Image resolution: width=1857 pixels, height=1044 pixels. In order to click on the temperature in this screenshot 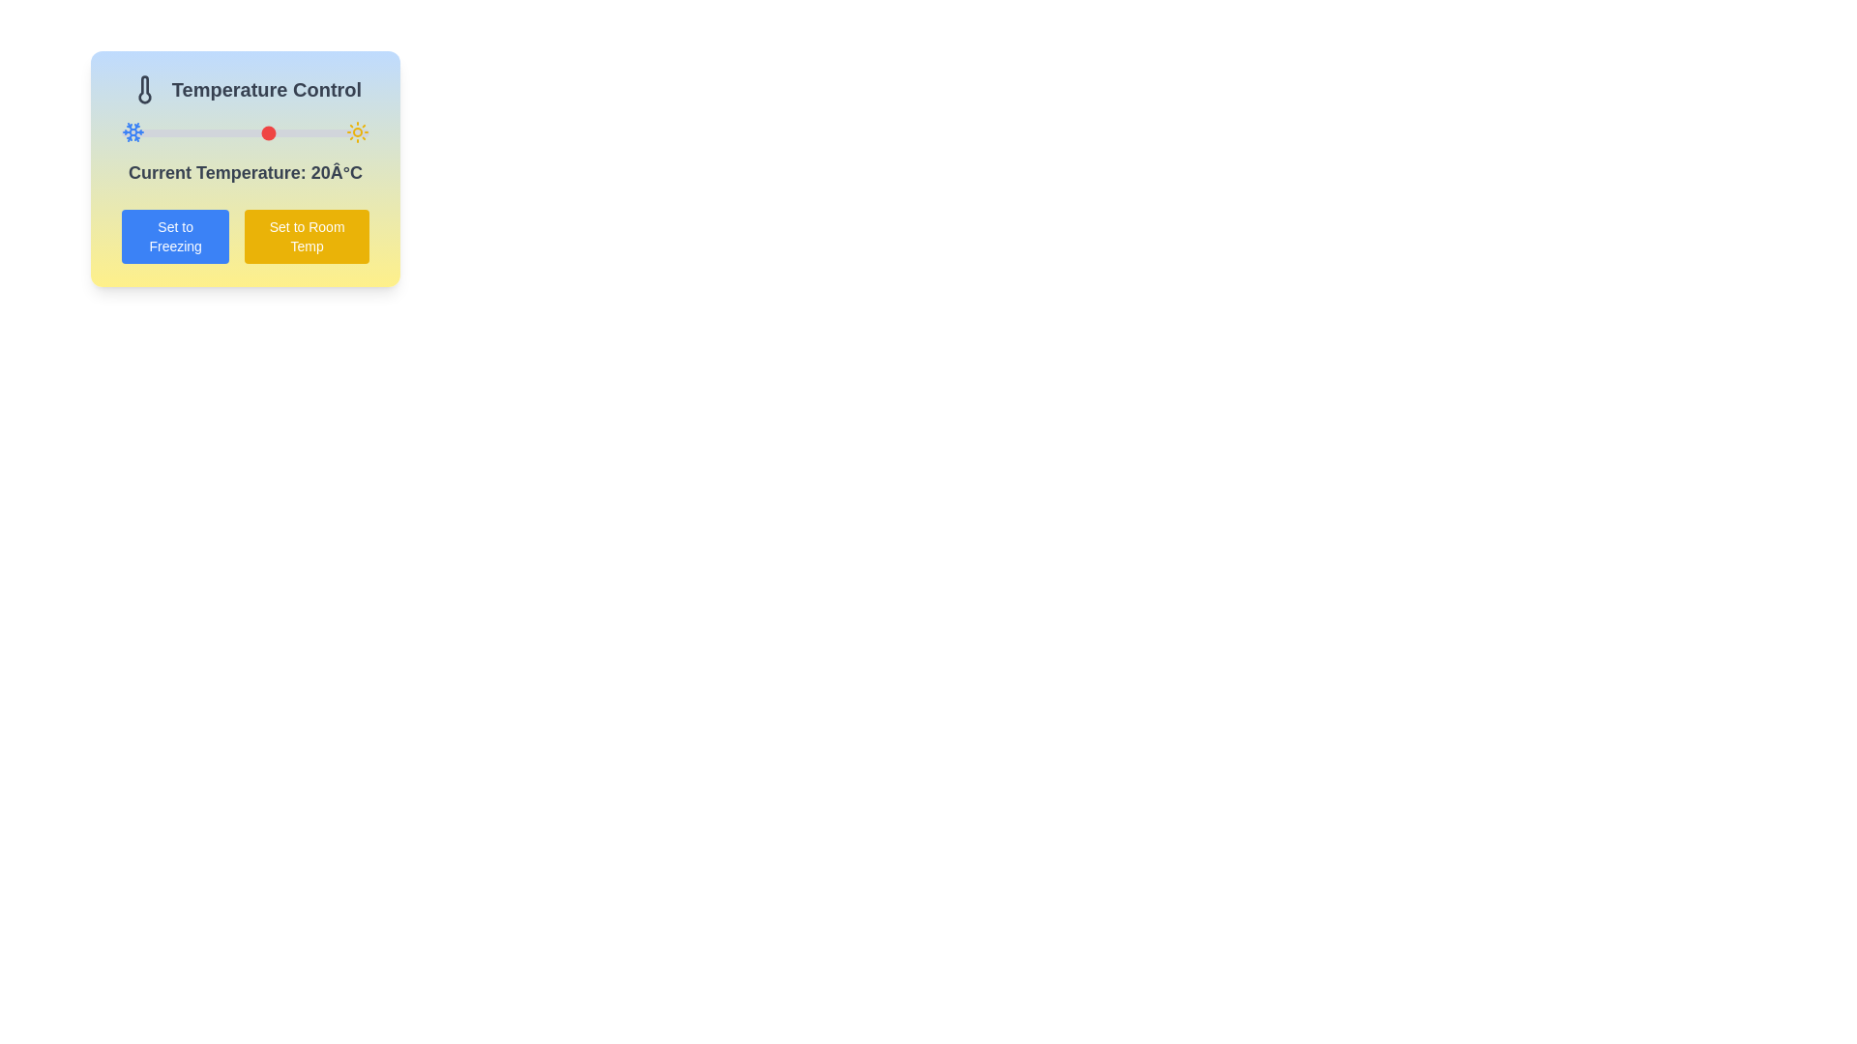, I will do `click(259, 132)`.